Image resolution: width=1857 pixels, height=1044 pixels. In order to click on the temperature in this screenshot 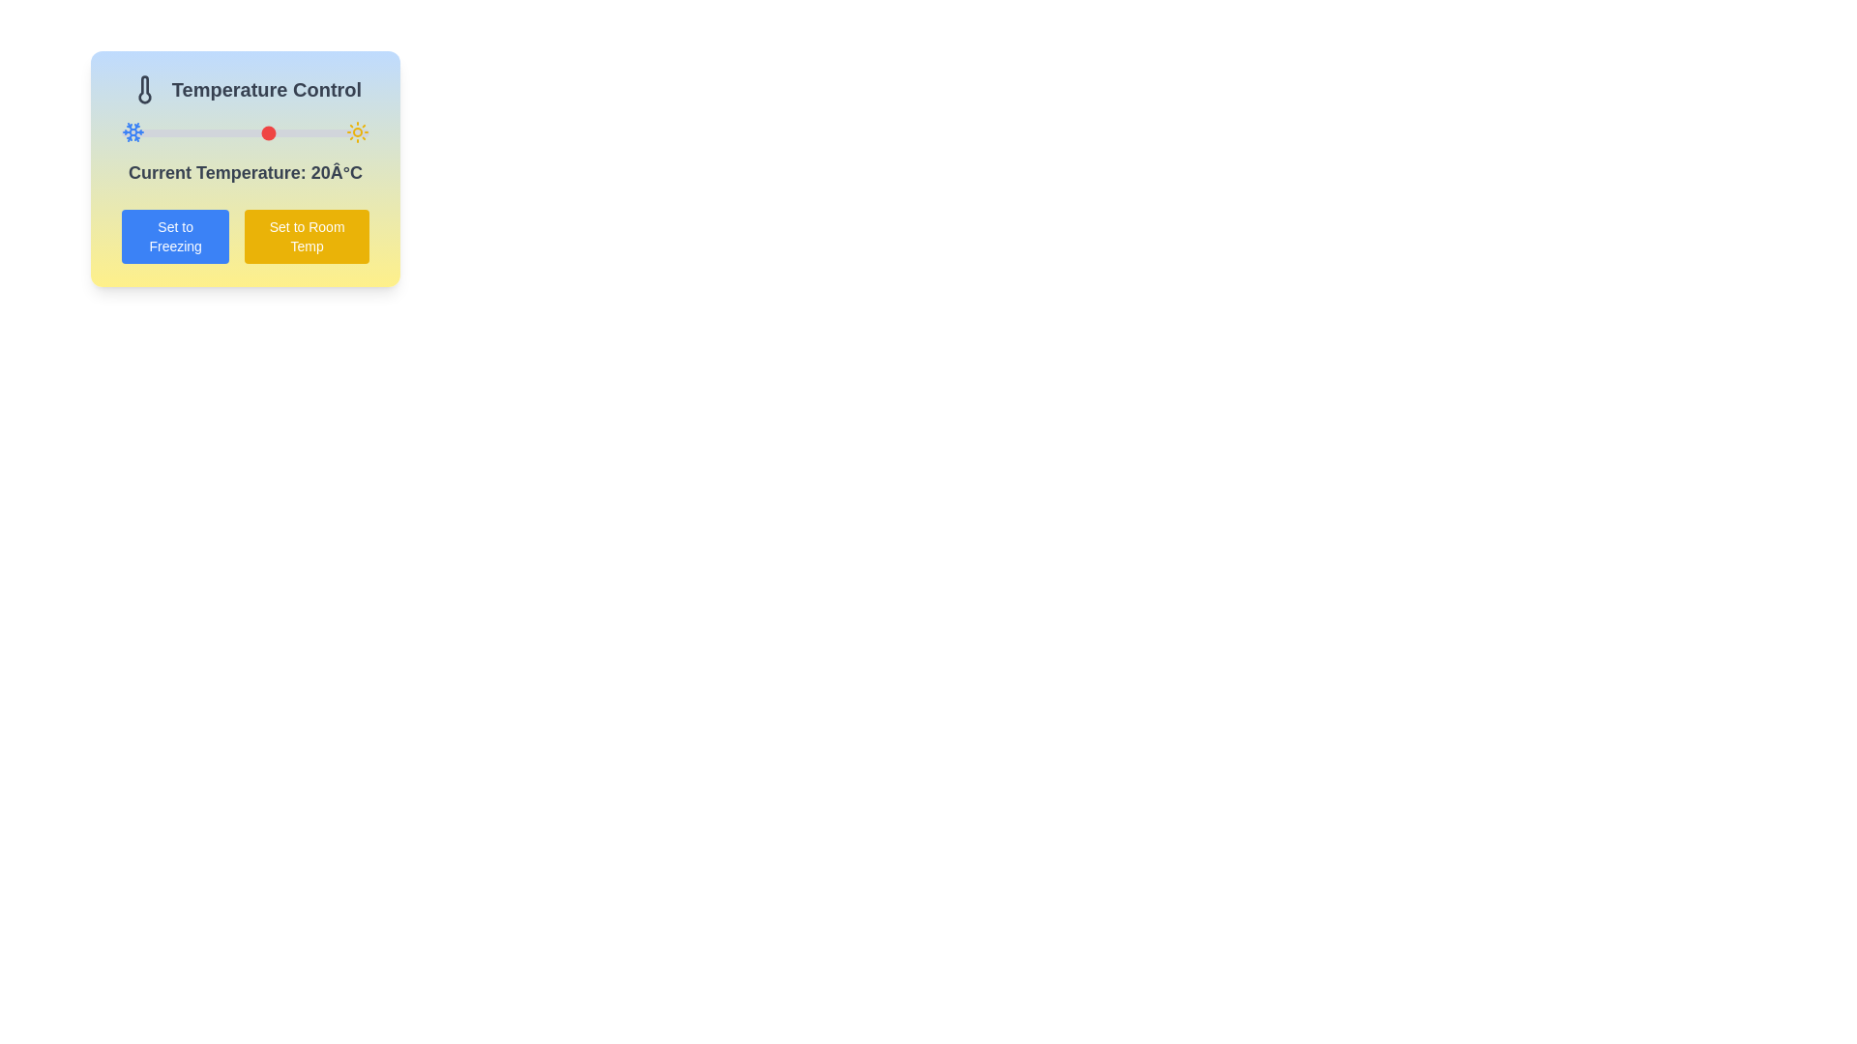, I will do `click(259, 132)`.